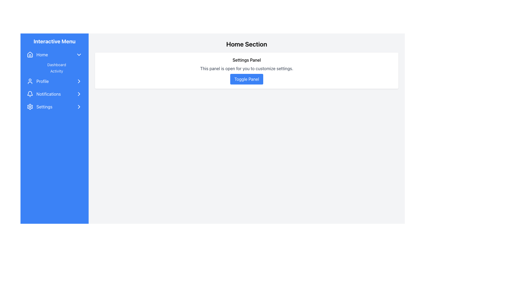  I want to click on text label displaying 'Dashboard' which is styled in light gray and located on a blue background, aligned to the left side of the interface, so click(56, 64).